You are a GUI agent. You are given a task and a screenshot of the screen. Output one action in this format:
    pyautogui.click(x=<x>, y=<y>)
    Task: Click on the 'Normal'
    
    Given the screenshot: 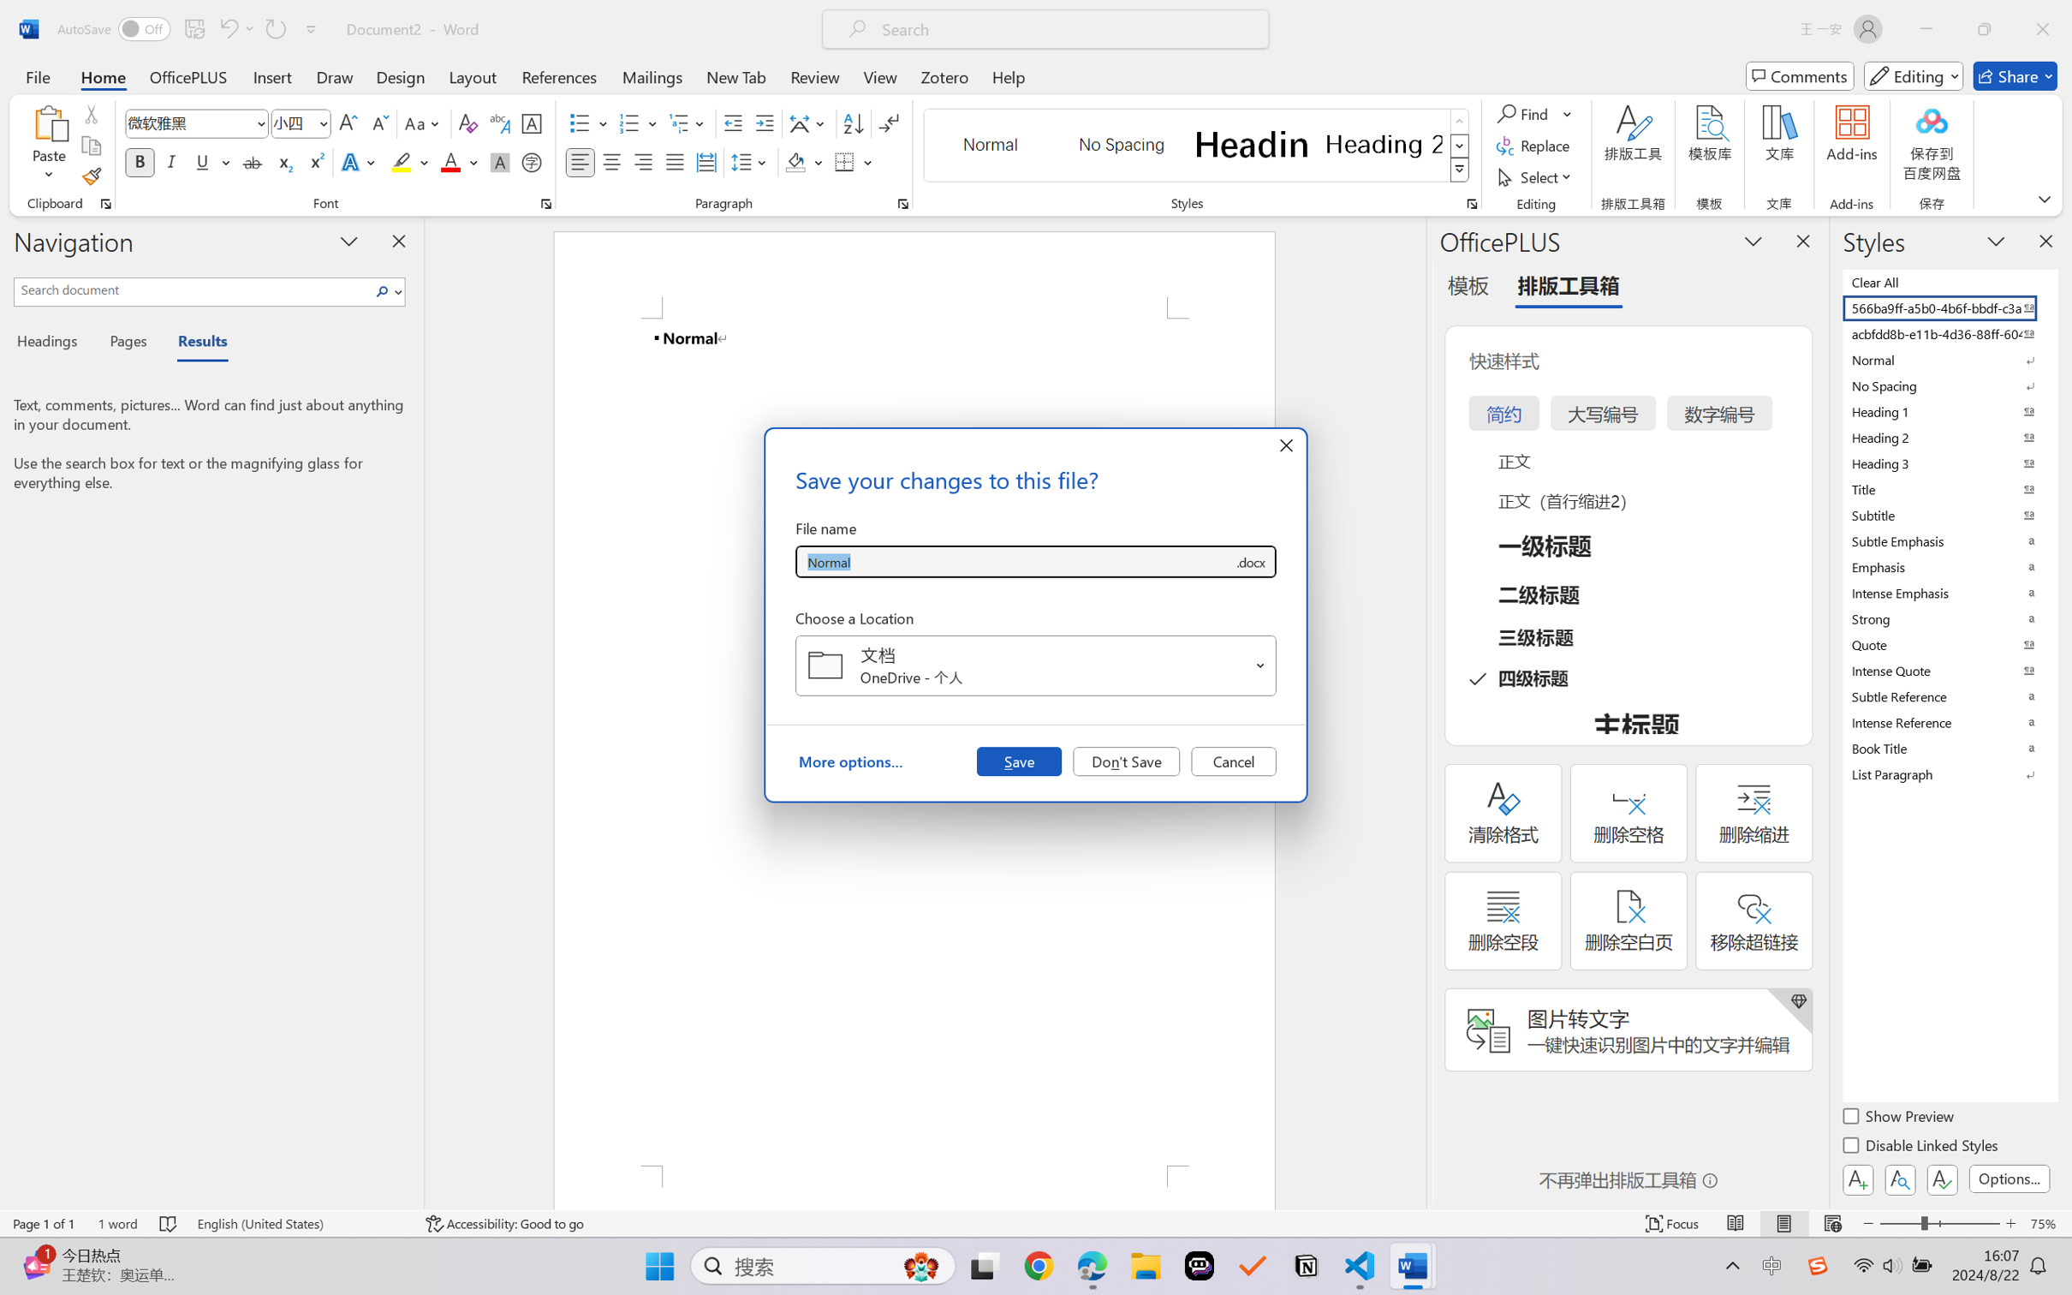 What is the action you would take?
    pyautogui.click(x=1948, y=359)
    